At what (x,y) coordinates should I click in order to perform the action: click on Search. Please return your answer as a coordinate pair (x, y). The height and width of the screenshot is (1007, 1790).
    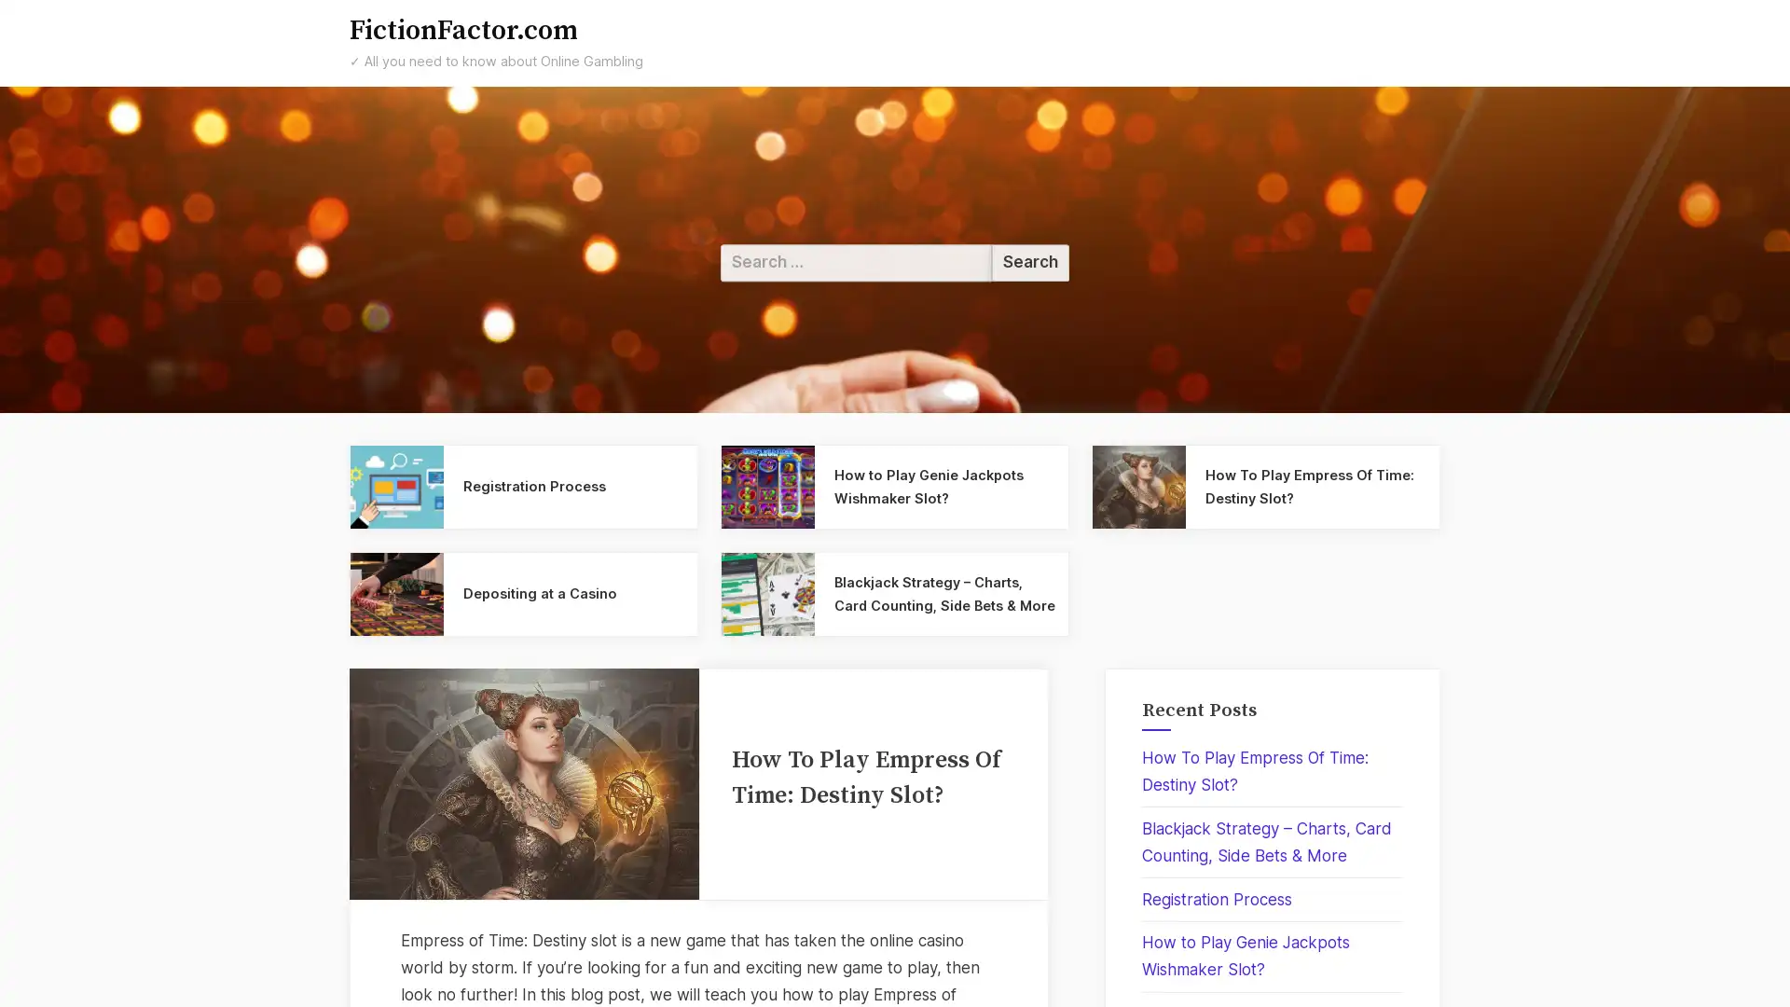
    Looking at the image, I should click on (1029, 262).